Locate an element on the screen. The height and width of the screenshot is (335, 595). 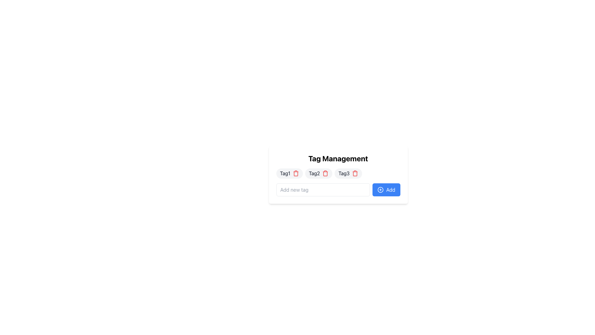
the center of the blue circular part of the plus icon located within the 'Add' button at the bottom-right corner of the panel is located at coordinates (380, 190).